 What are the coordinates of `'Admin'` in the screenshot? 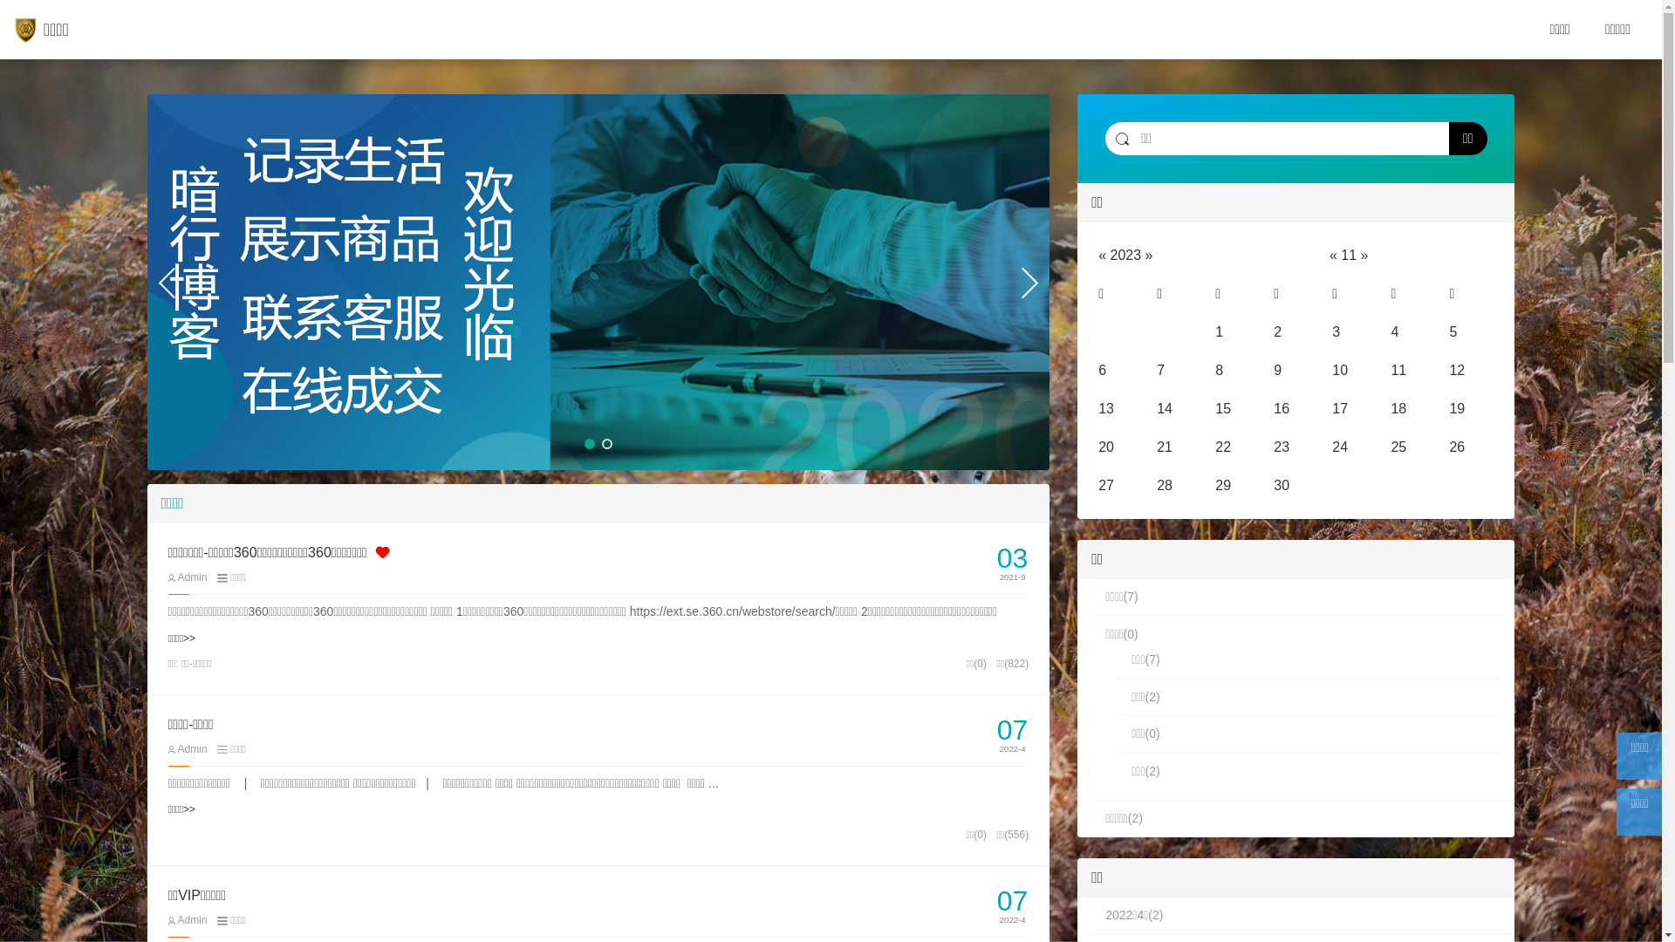 It's located at (187, 919).